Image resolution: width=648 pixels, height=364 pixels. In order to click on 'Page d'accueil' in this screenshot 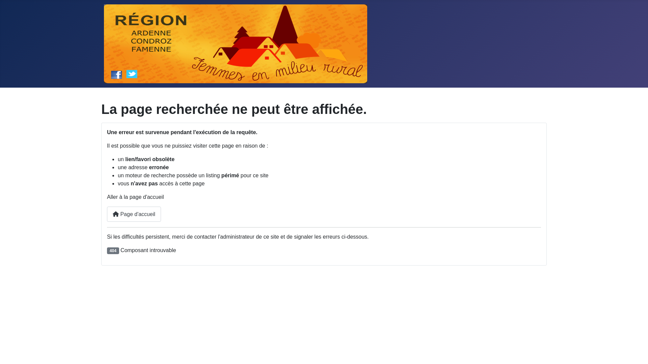, I will do `click(134, 214)`.